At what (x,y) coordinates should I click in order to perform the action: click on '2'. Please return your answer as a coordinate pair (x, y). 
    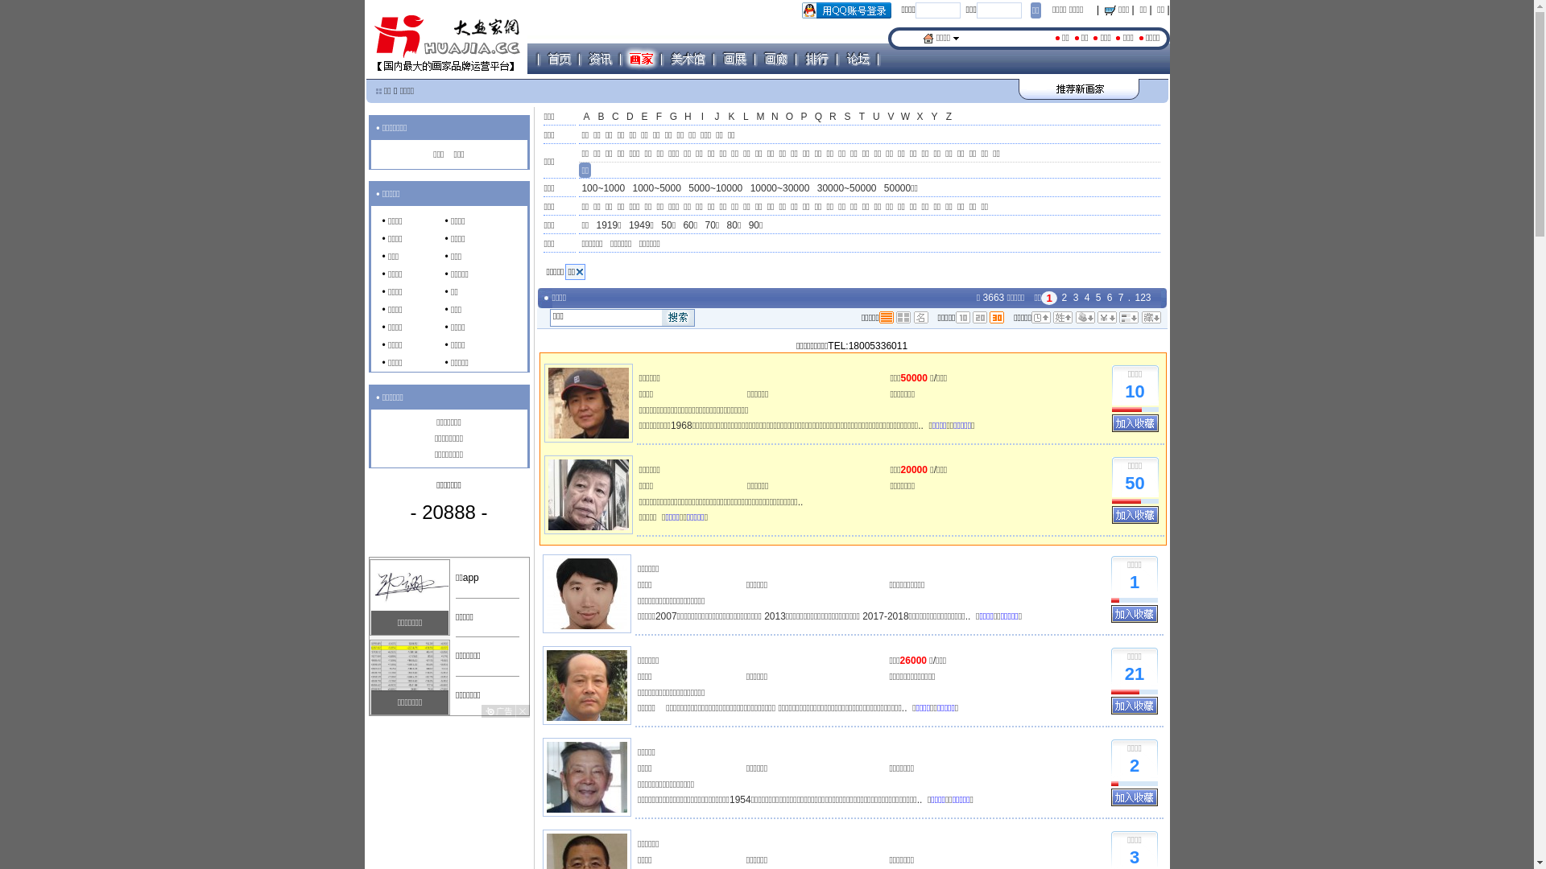
    Looking at the image, I should click on (1134, 765).